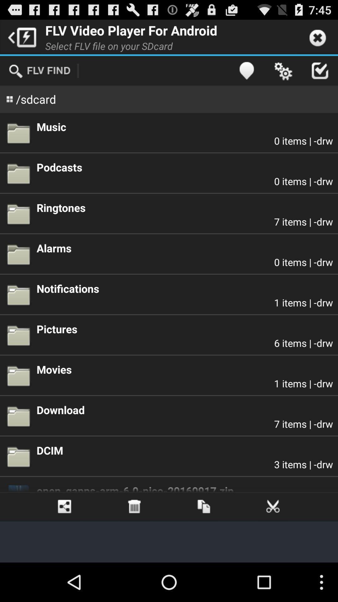 This screenshot has height=602, width=338. Describe the element at coordinates (283, 71) in the screenshot. I see `item above music item` at that location.